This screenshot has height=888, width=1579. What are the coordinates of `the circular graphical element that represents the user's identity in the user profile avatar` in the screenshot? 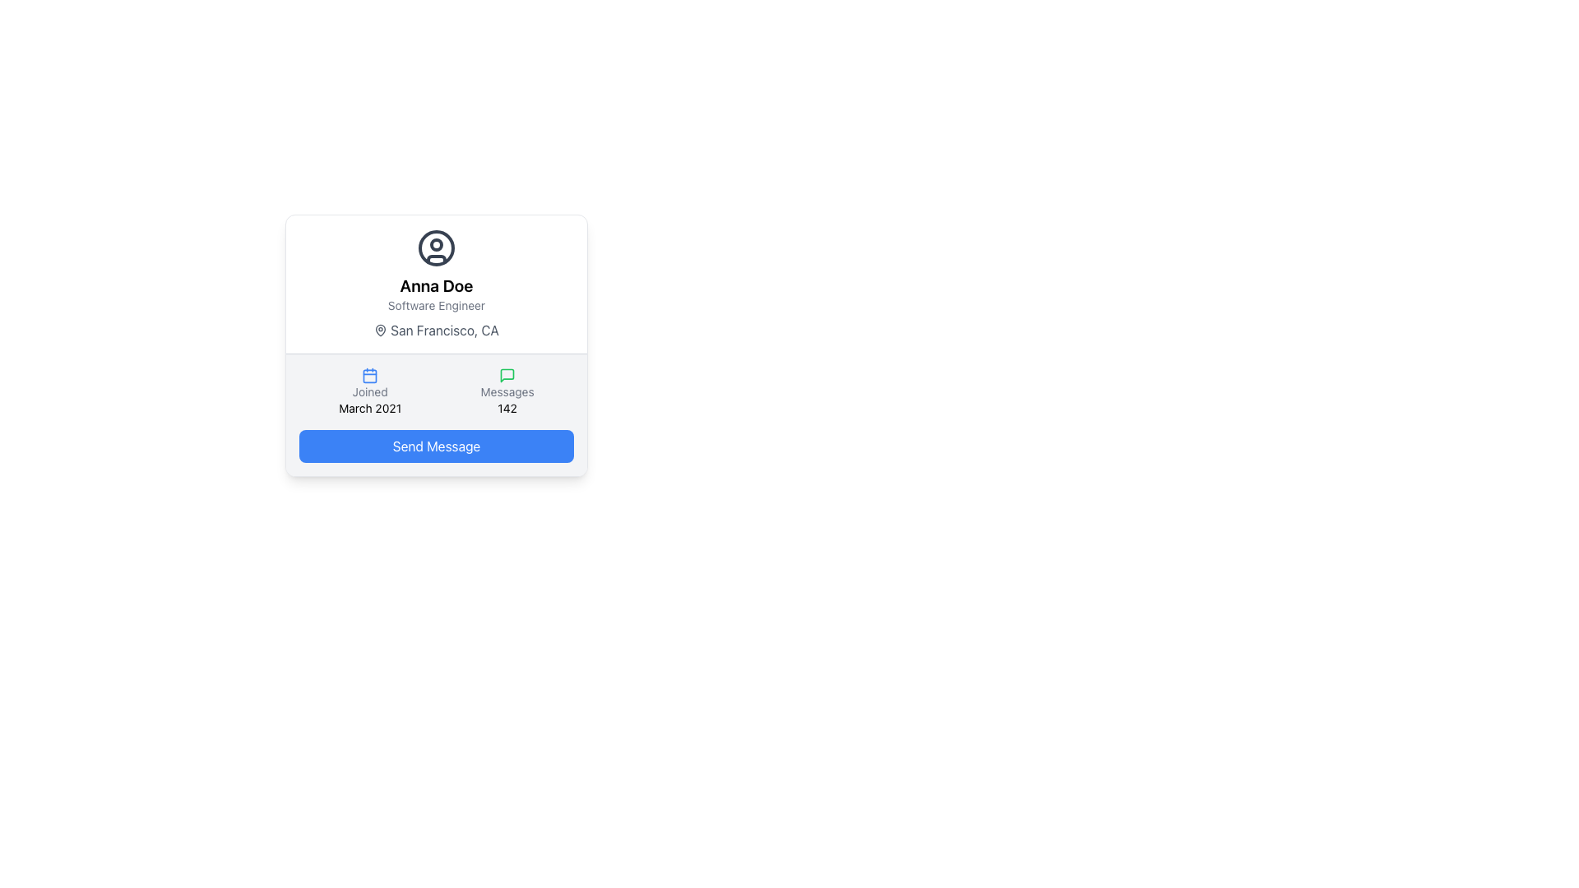 It's located at (437, 247).